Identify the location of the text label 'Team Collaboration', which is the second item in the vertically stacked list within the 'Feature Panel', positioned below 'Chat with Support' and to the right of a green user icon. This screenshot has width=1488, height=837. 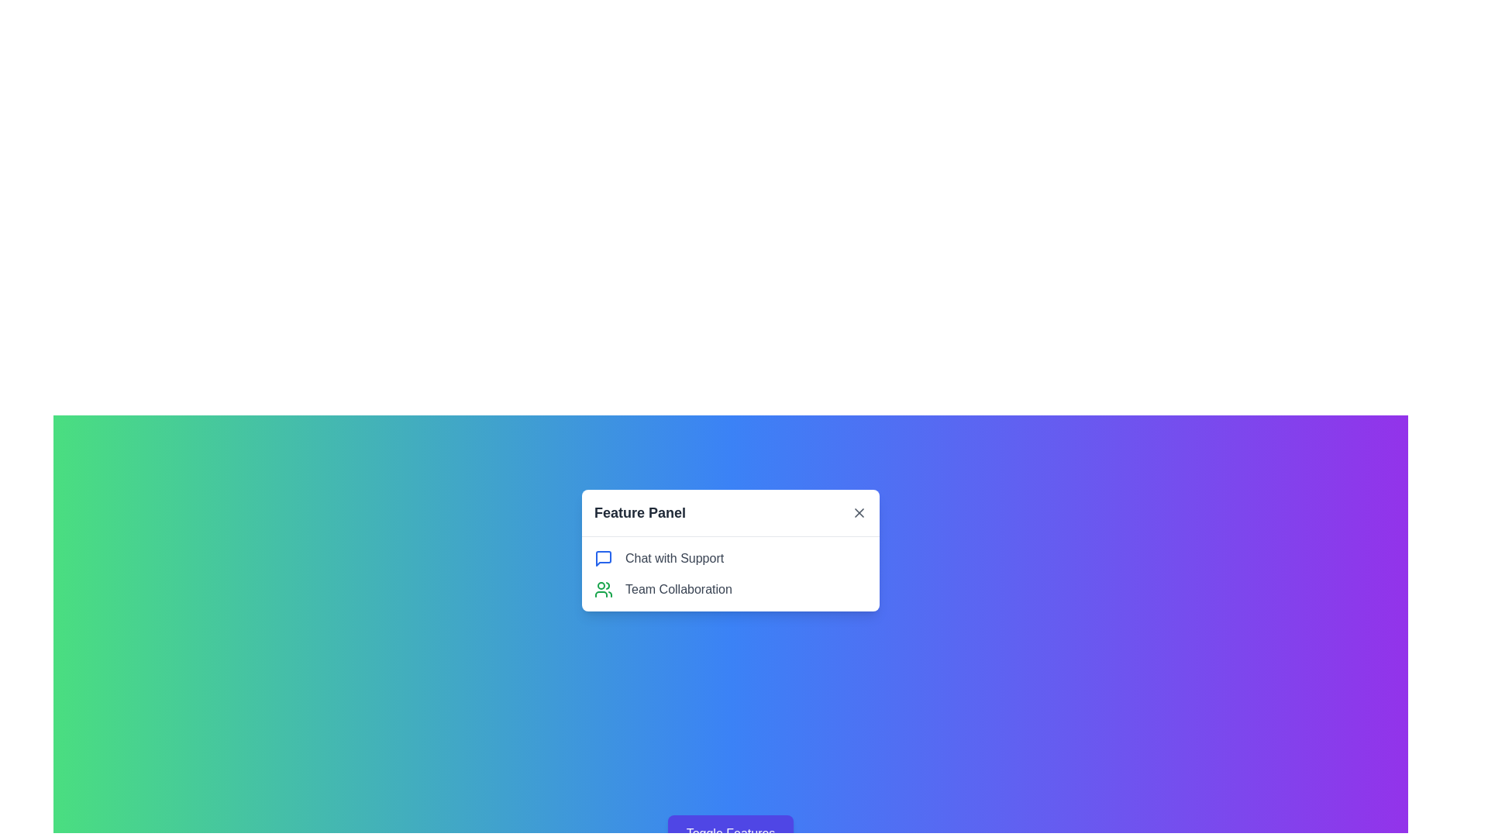
(678, 589).